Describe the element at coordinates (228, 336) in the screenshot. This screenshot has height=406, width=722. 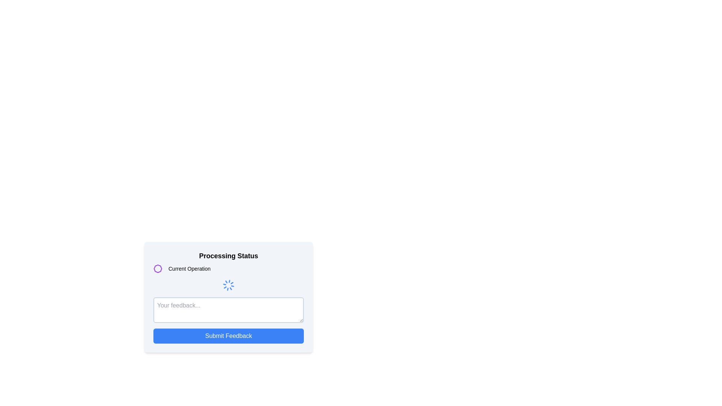
I see `the submission button located at the bottom of the card interface, centered horizontally beneath the 'Your feedback...' text input area` at that location.